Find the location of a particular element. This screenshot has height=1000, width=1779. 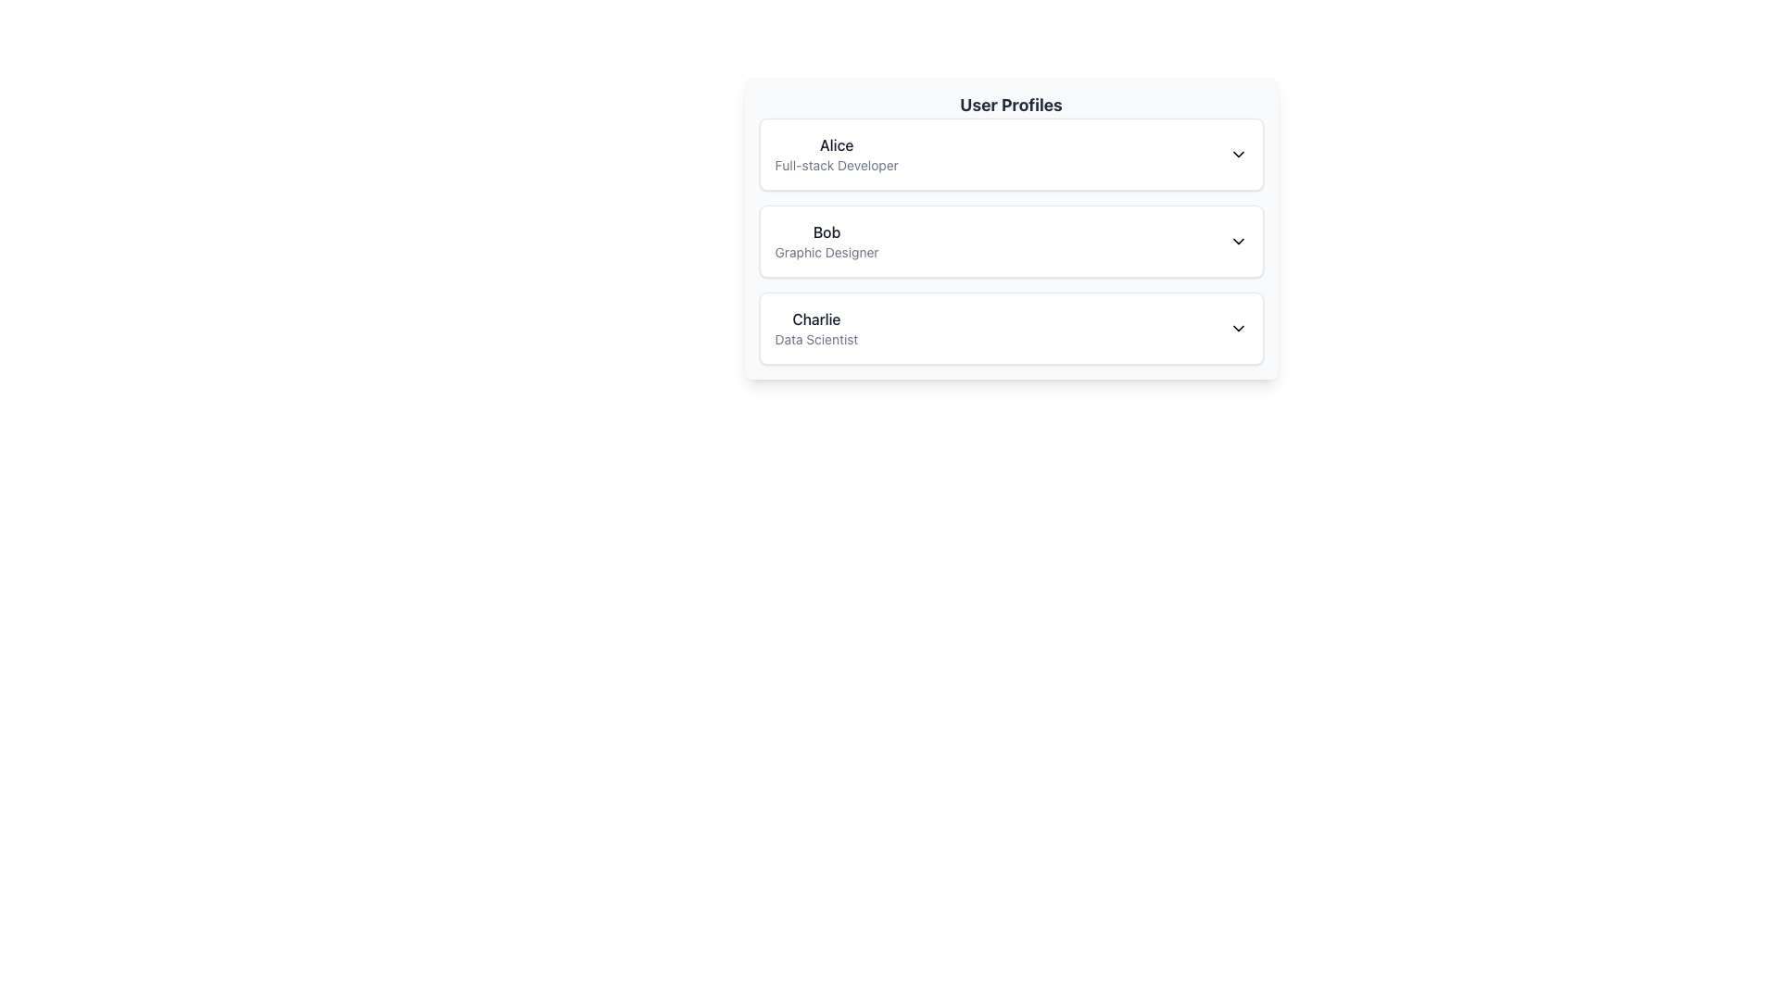

the informational text label providing the job title associated with 'Bob', located beneath his name in the 'User Profiles' card is located at coordinates (826, 253).